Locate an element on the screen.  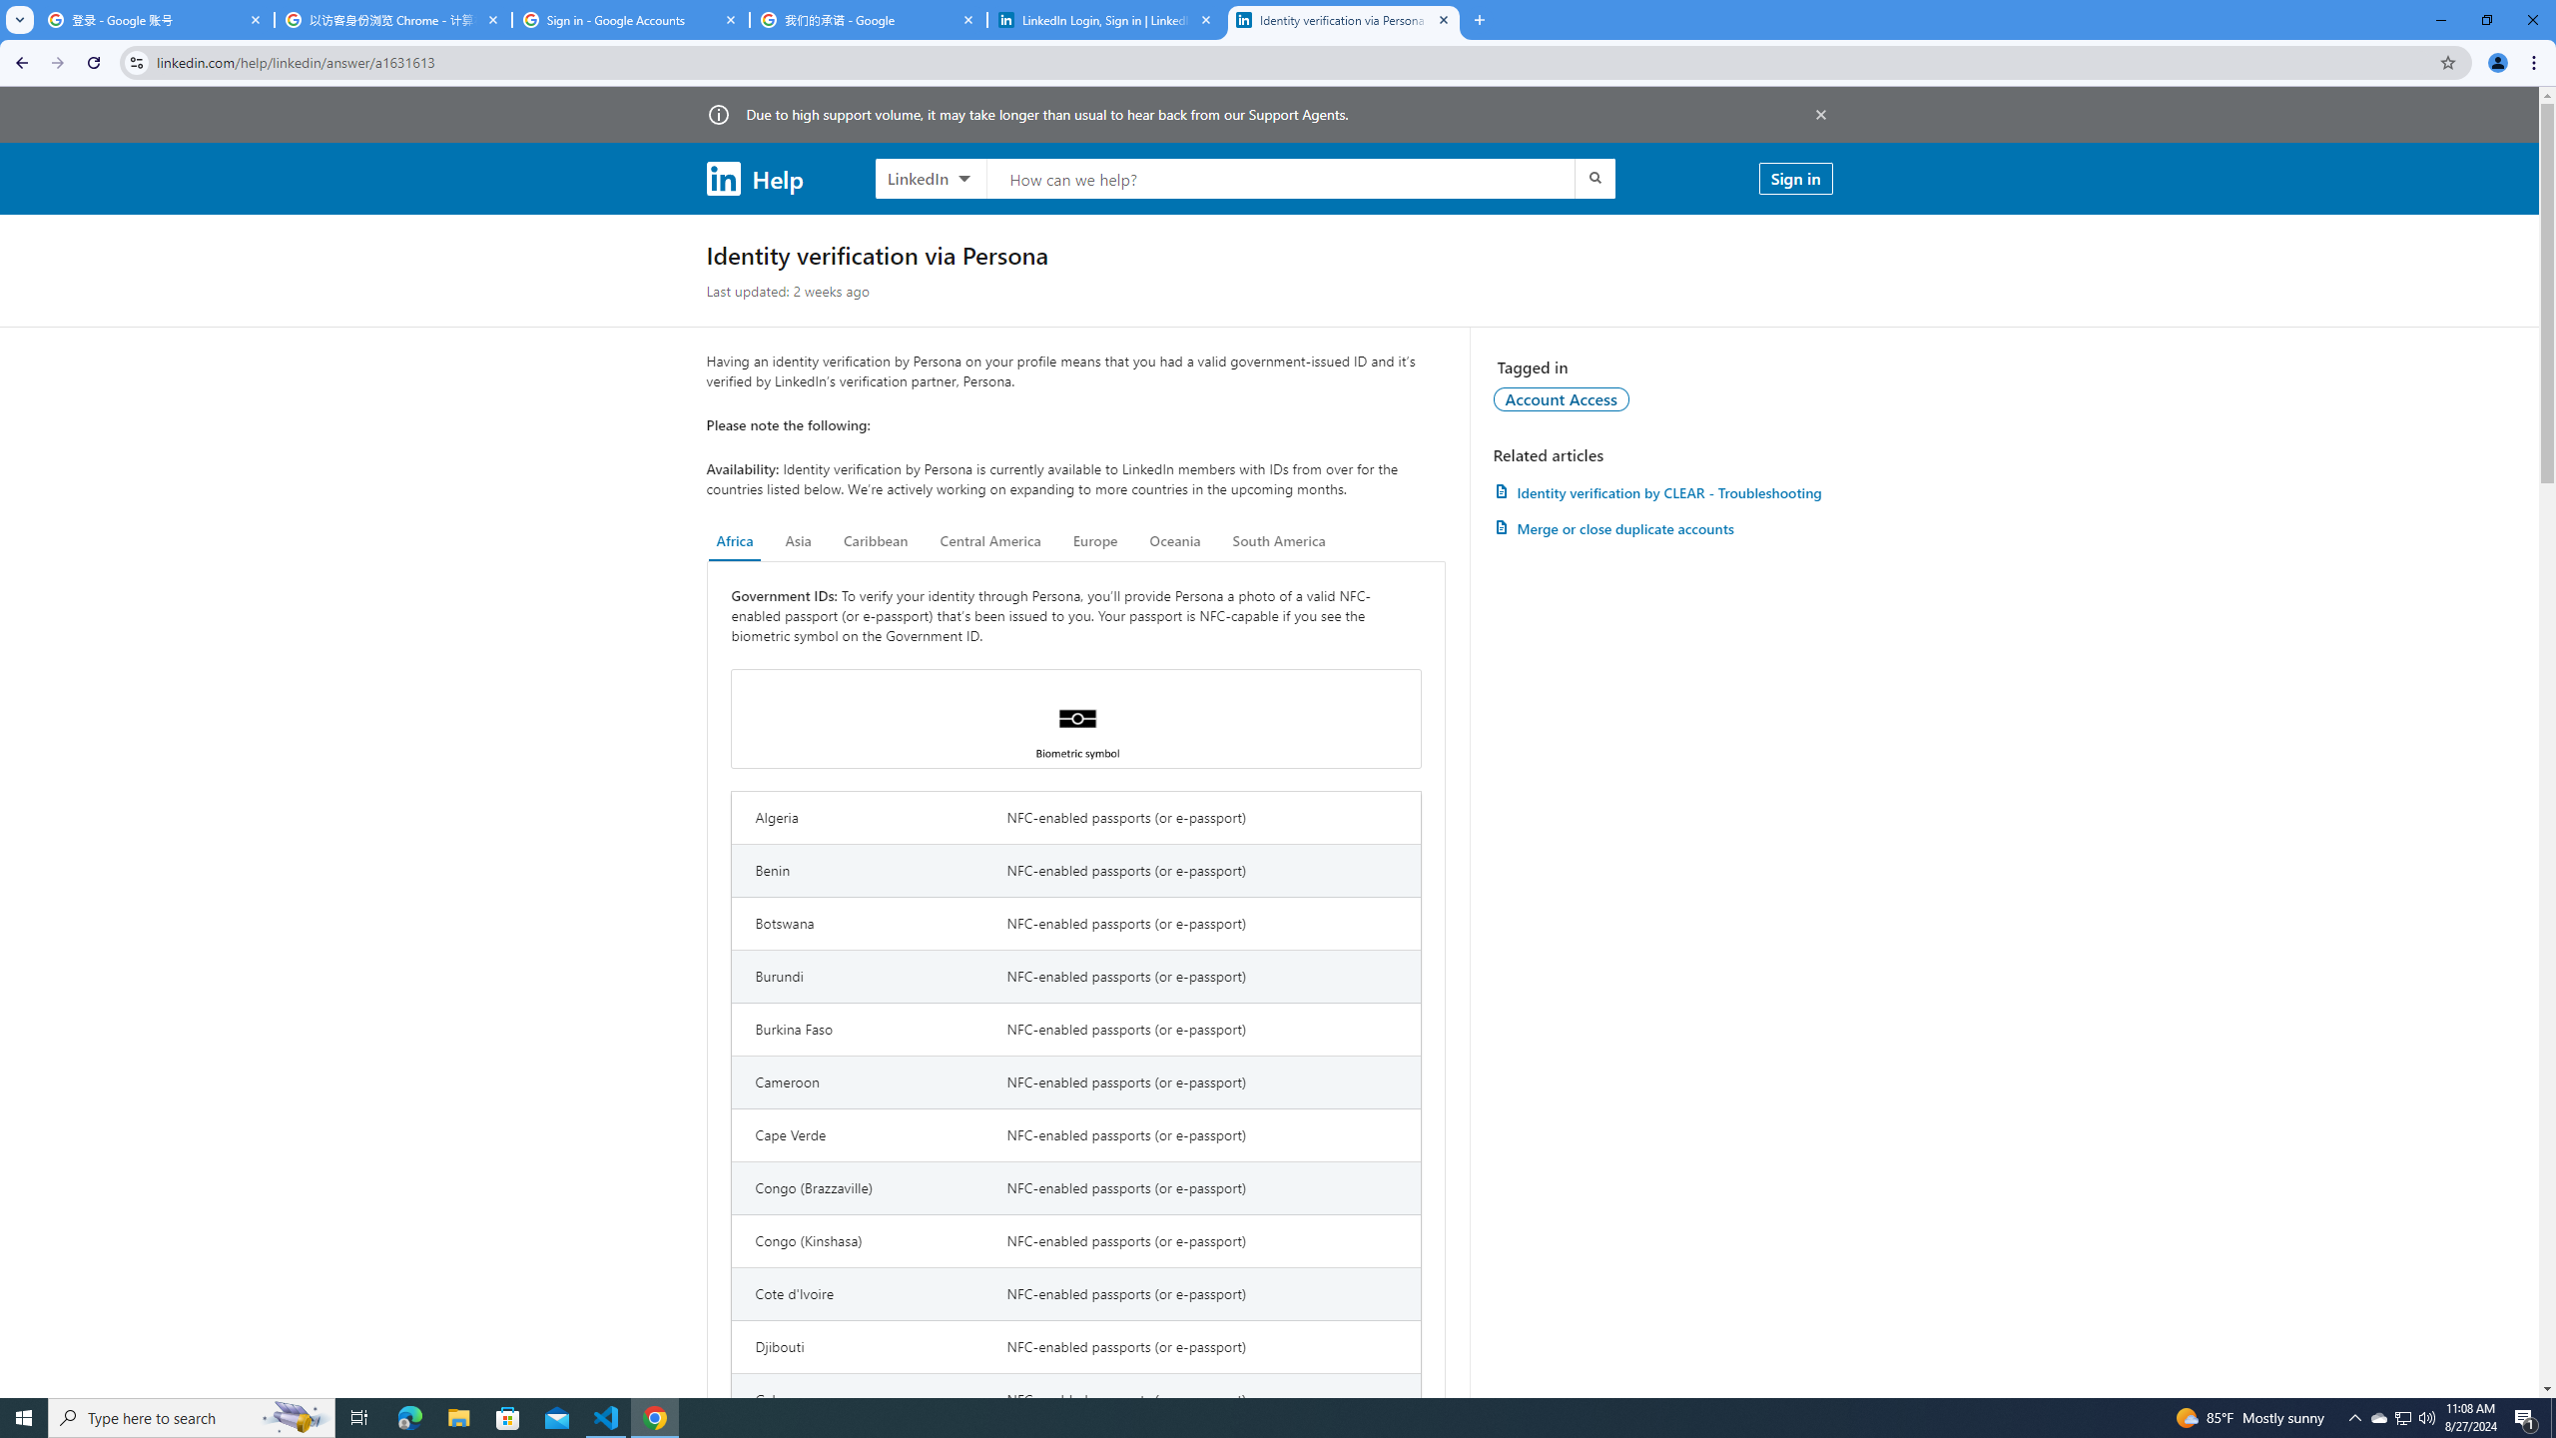
'AutomationID: topic-link-a151002' is located at coordinates (1562, 397).